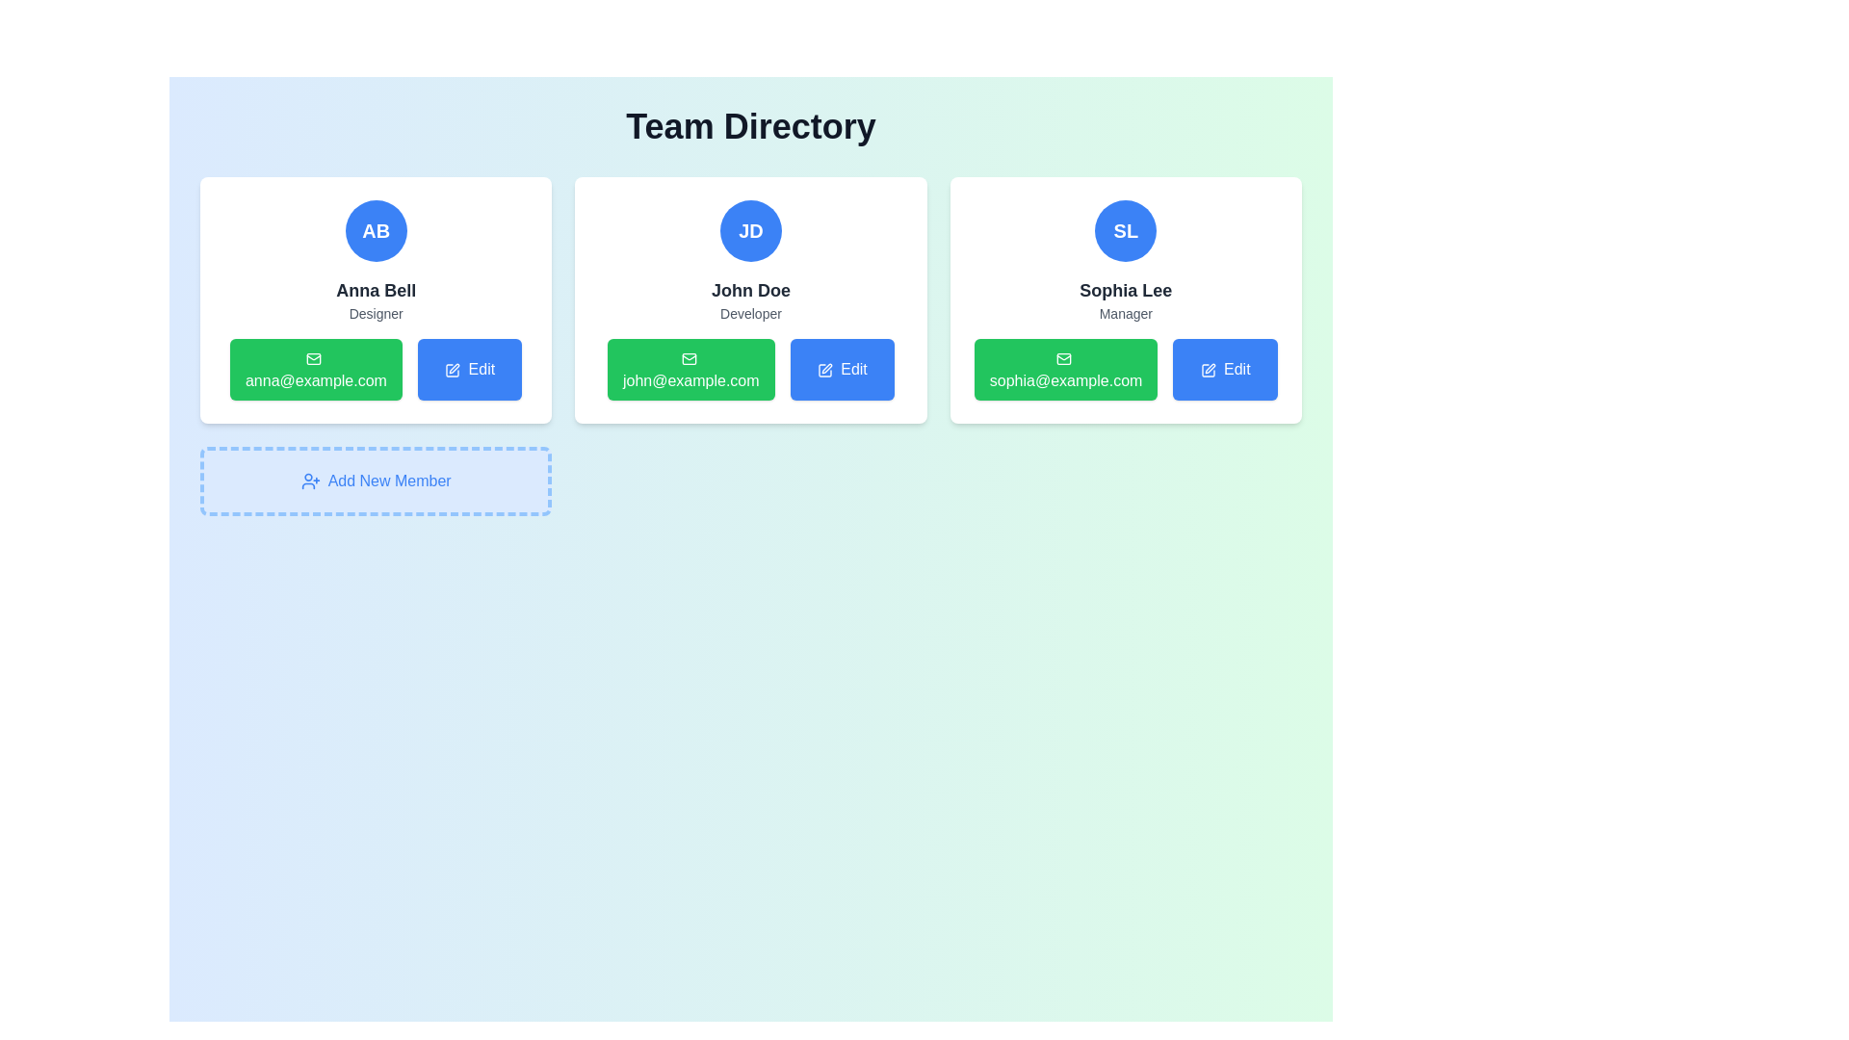 The width and height of the screenshot is (1849, 1040). Describe the element at coordinates (749, 313) in the screenshot. I see `the 'Developer' label, which is displayed in a small, gray font and positioned below 'John Doe' in the second profile card of a horizontally centered grid of three cards` at that location.